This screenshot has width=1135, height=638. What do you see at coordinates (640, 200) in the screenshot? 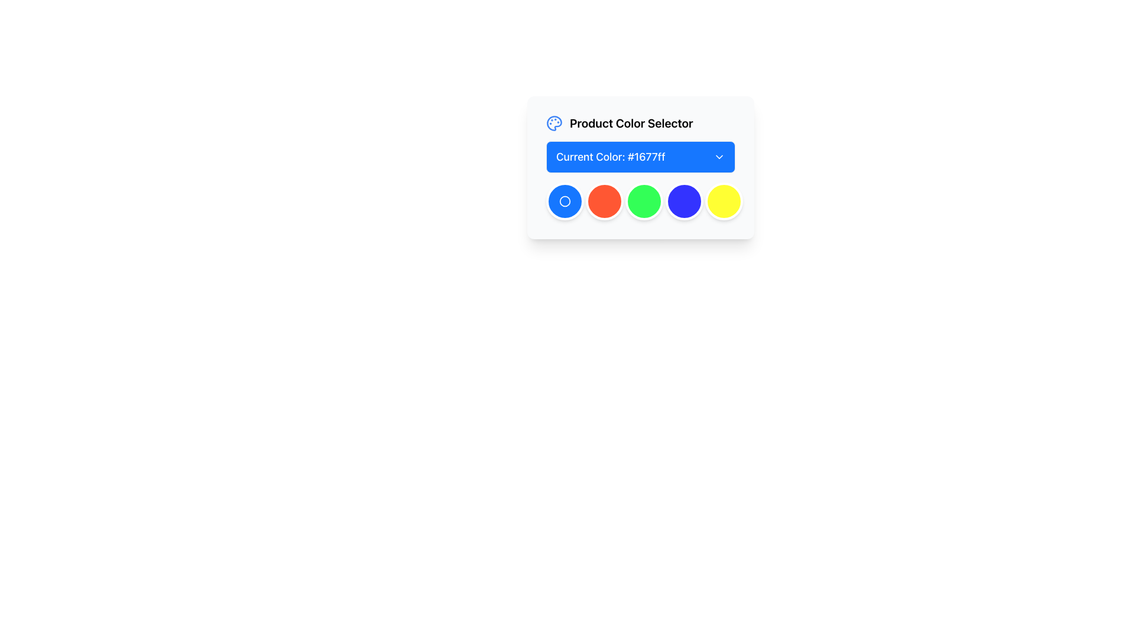
I see `a circle in the Grid of interactive buttons (circular selectors)` at bounding box center [640, 200].